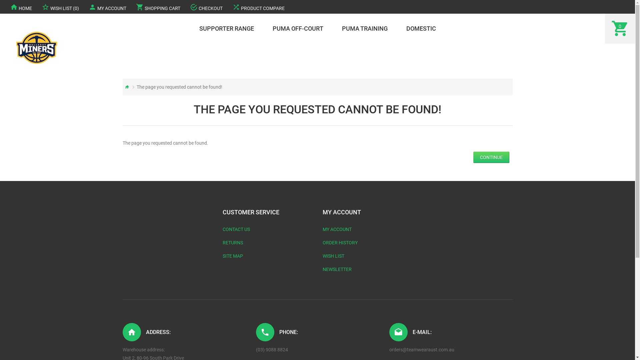  I want to click on 'WISH LIST', so click(333, 255).